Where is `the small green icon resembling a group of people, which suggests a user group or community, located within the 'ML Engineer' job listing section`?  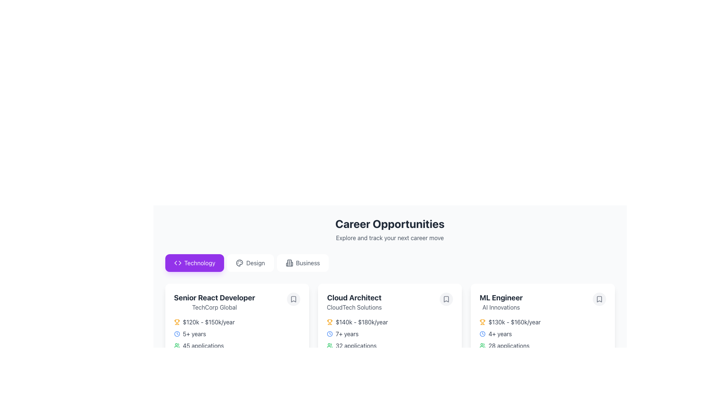
the small green icon resembling a group of people, which suggests a user group or community, located within the 'ML Engineer' job listing section is located at coordinates (483, 346).